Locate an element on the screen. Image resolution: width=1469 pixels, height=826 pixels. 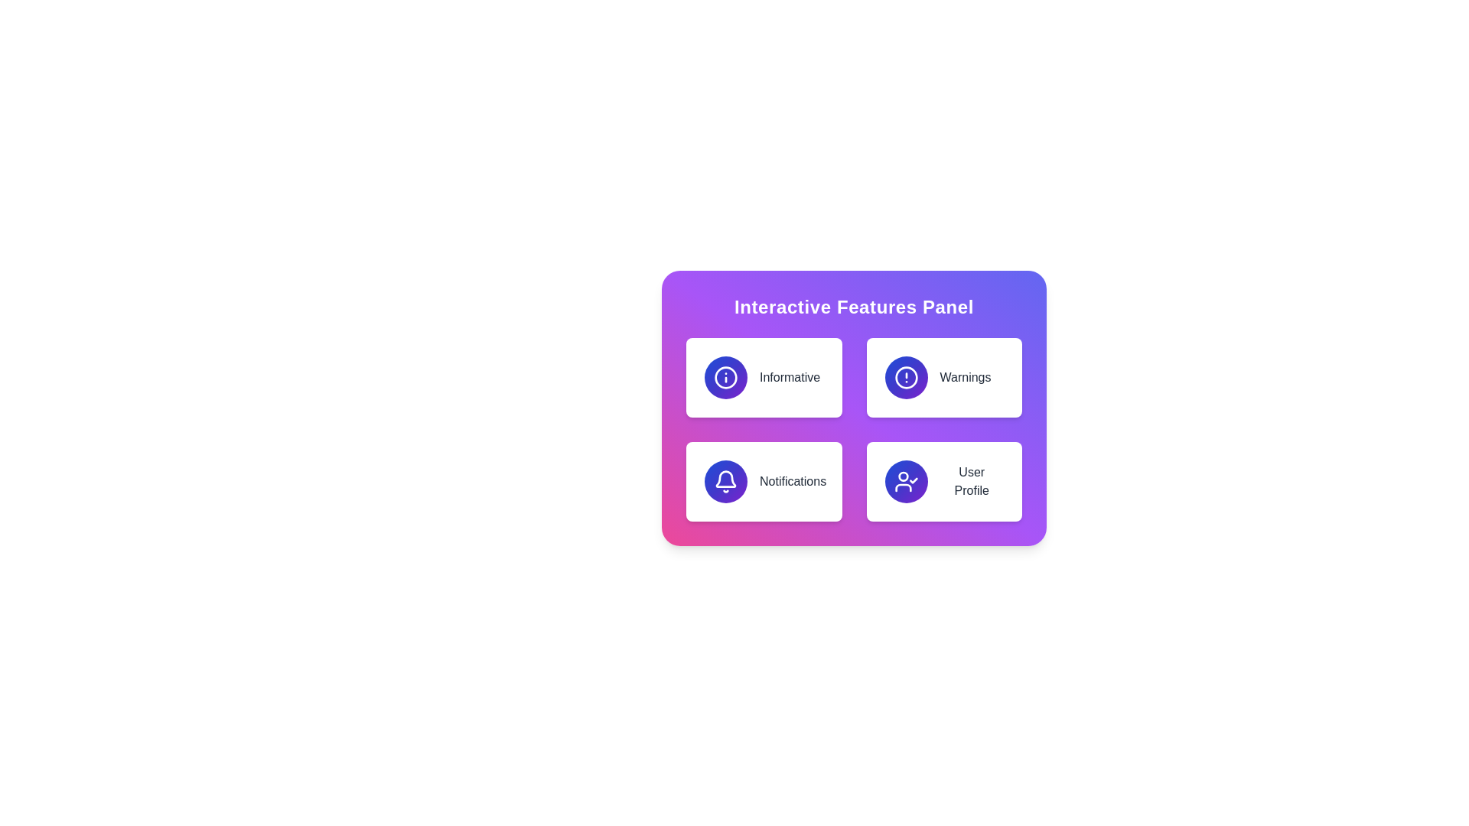
the circular information icon with a gradient background and an exclamation mark is located at coordinates (725, 377).